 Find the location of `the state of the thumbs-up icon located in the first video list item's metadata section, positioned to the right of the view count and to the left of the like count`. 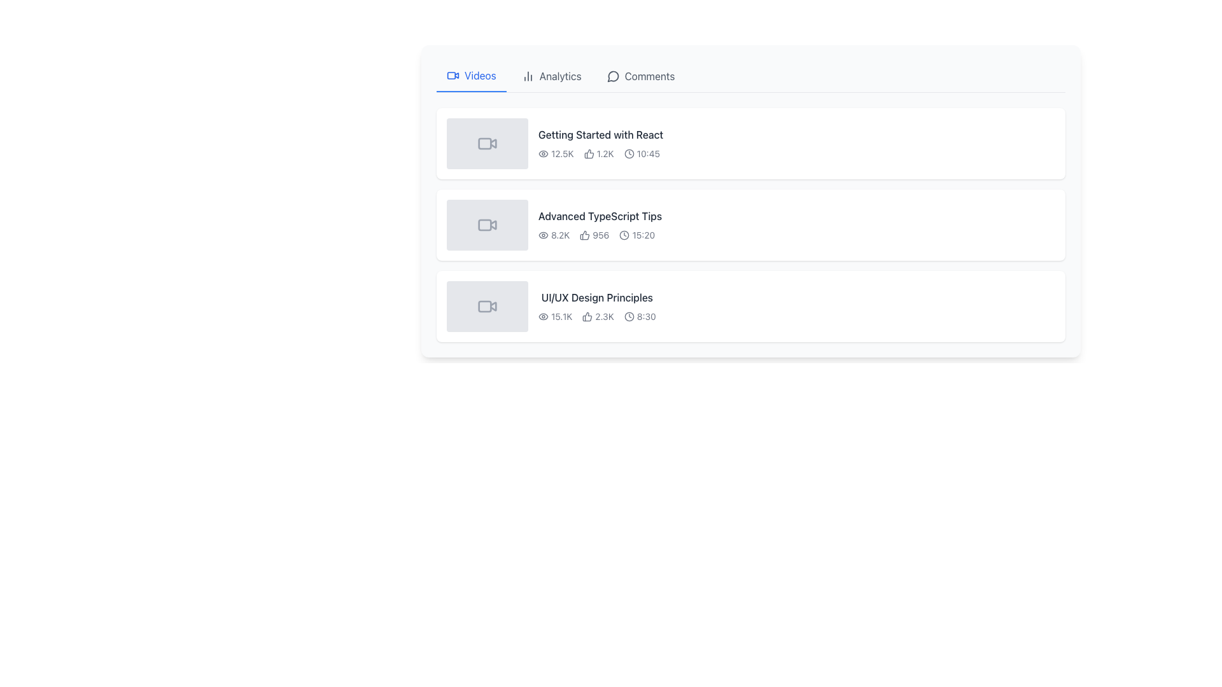

the state of the thumbs-up icon located in the first video list item's metadata section, positioned to the right of the view count and to the left of the like count is located at coordinates (588, 153).